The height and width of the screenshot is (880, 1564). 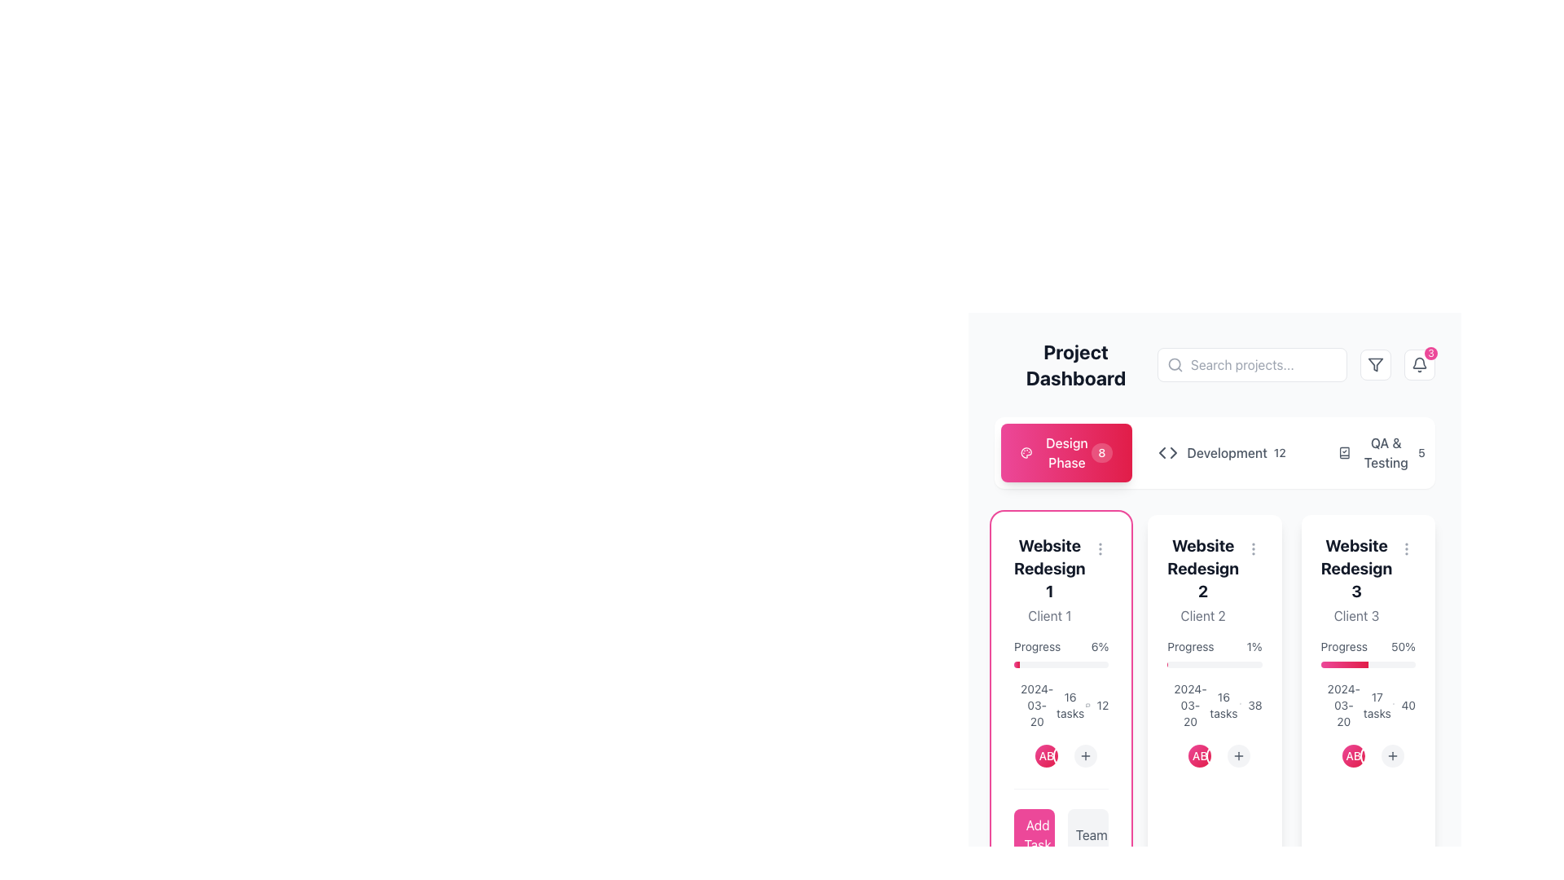 What do you see at coordinates (1061, 705) in the screenshot?
I see `the text in the Grid layout within the 'Website Redesign 1' card` at bounding box center [1061, 705].